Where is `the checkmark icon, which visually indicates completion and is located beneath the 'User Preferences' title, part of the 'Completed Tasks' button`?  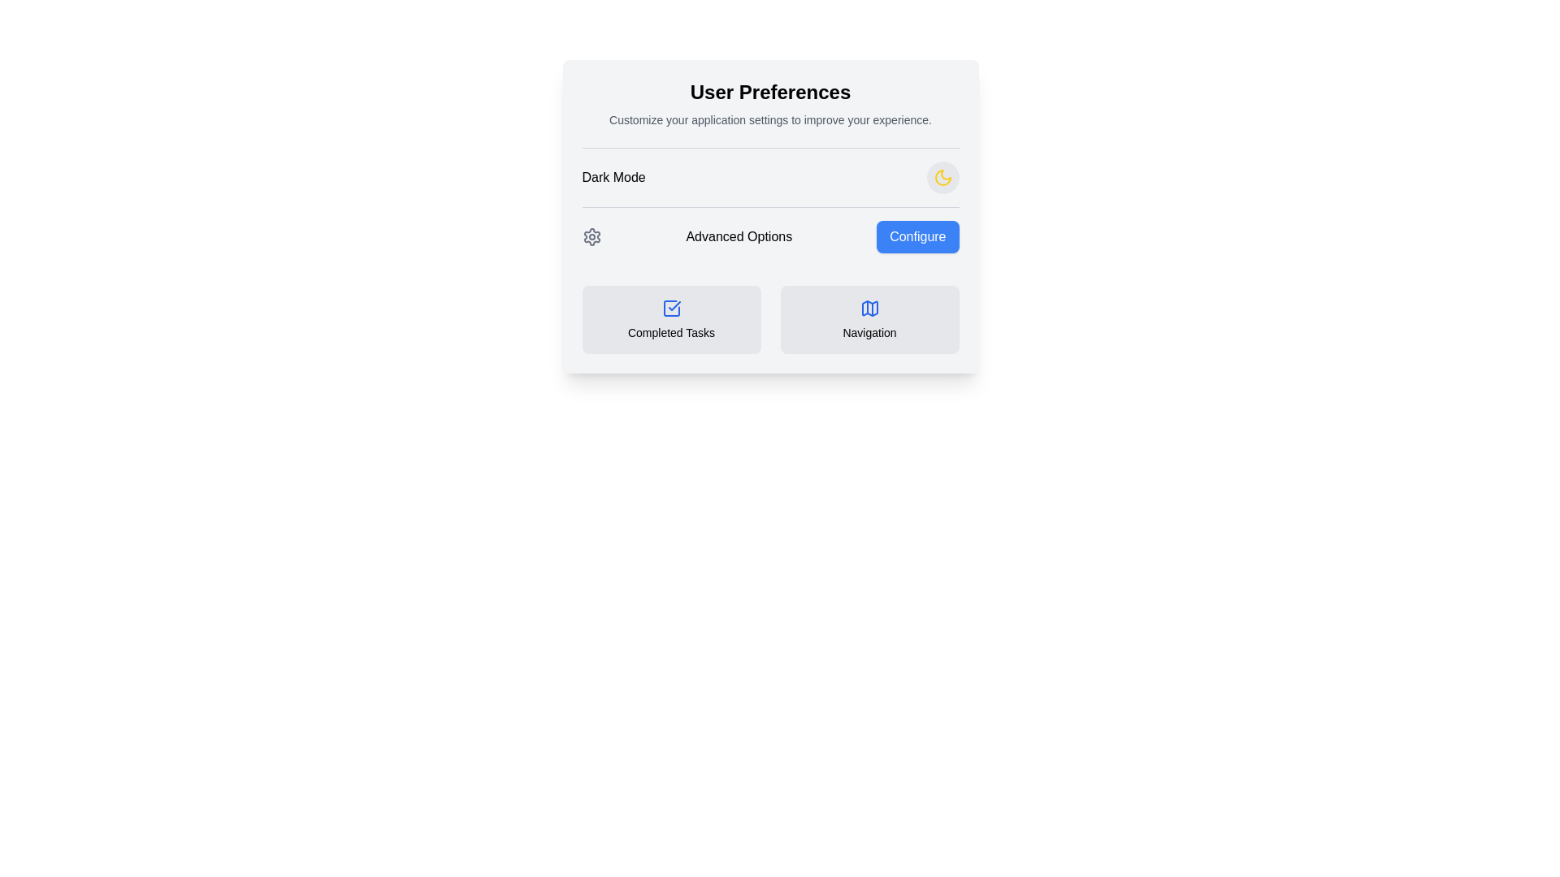 the checkmark icon, which visually indicates completion and is located beneath the 'User Preferences' title, part of the 'Completed Tasks' button is located at coordinates (674, 306).